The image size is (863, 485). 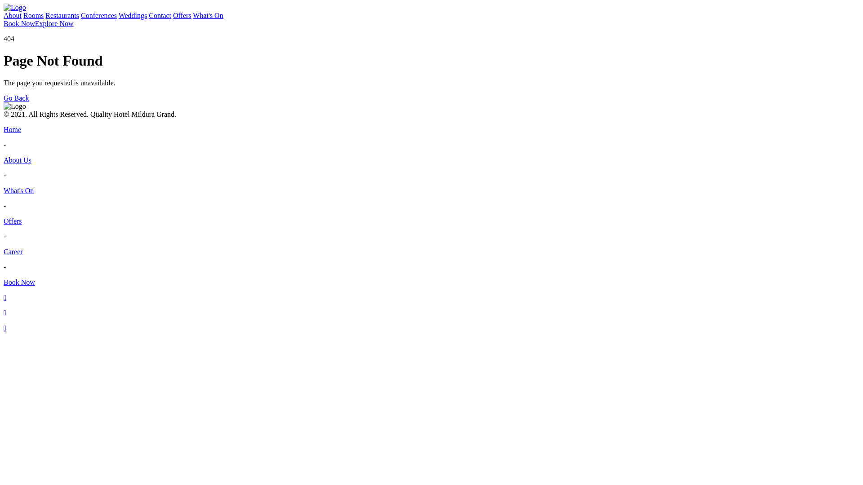 What do you see at coordinates (53, 23) in the screenshot?
I see `'Explore Now'` at bounding box center [53, 23].